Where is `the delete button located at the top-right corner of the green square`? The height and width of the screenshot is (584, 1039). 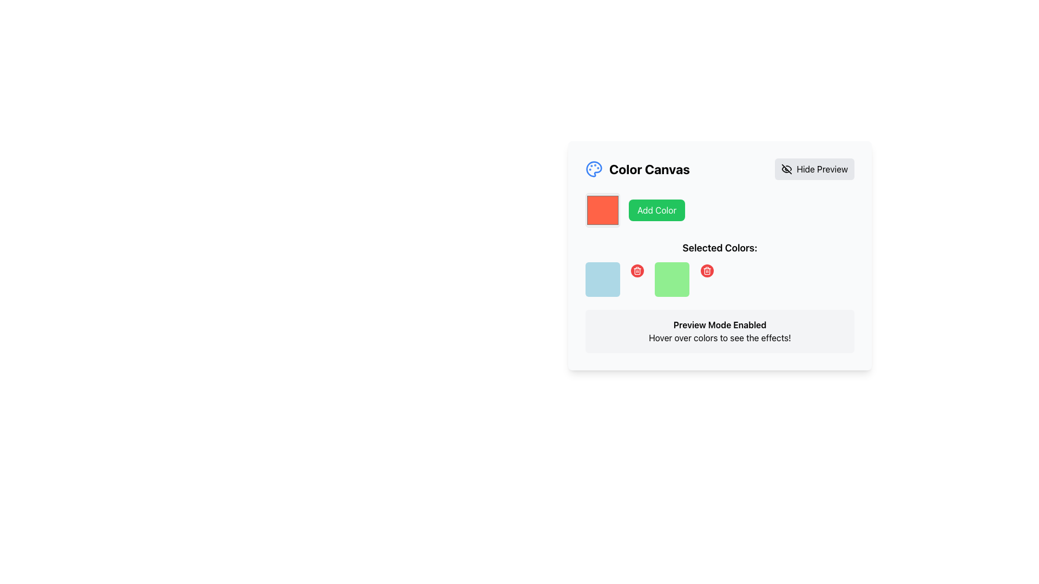
the delete button located at the top-right corner of the green square is located at coordinates (707, 270).